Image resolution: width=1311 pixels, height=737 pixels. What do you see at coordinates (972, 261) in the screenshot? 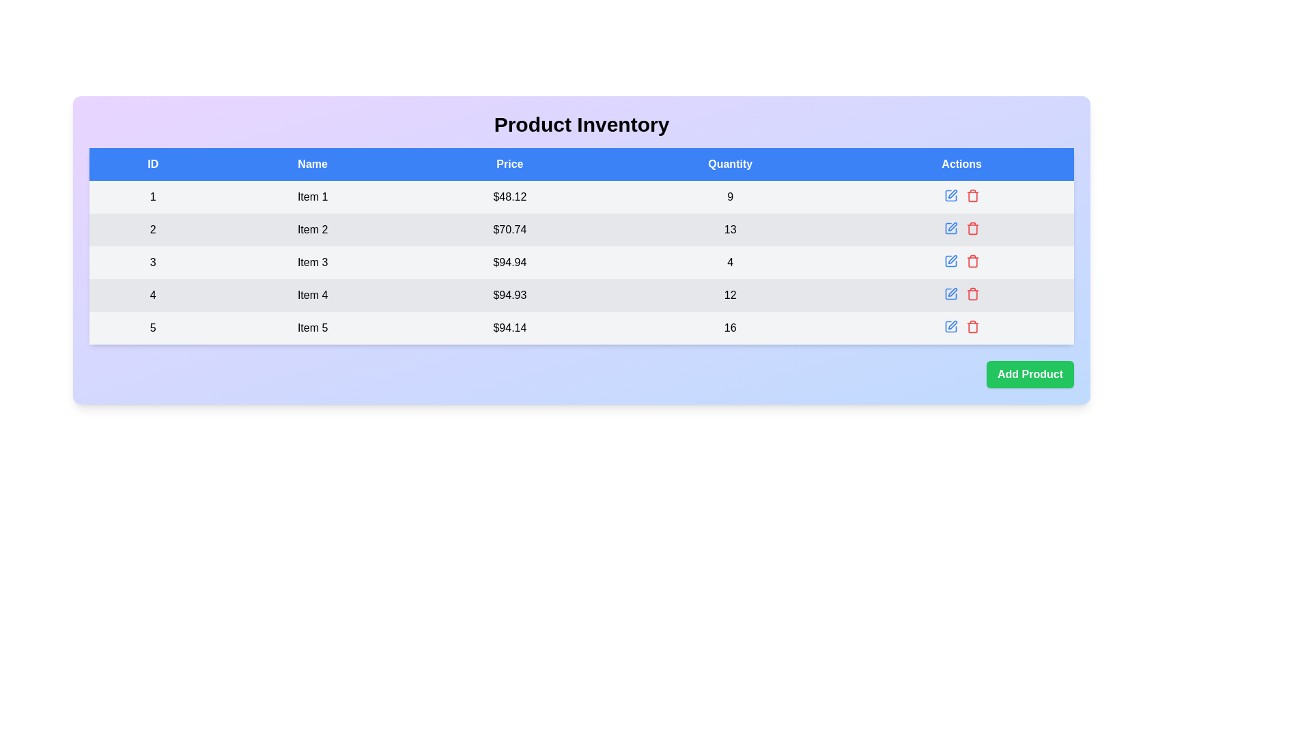
I see `the delete icon in the 'Actions' column for 'Item 3'` at bounding box center [972, 261].